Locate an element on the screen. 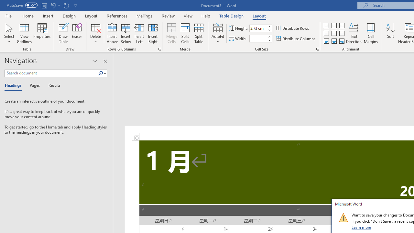 Image resolution: width=414 pixels, height=233 pixels. 'Text Direction' is located at coordinates (354, 33).